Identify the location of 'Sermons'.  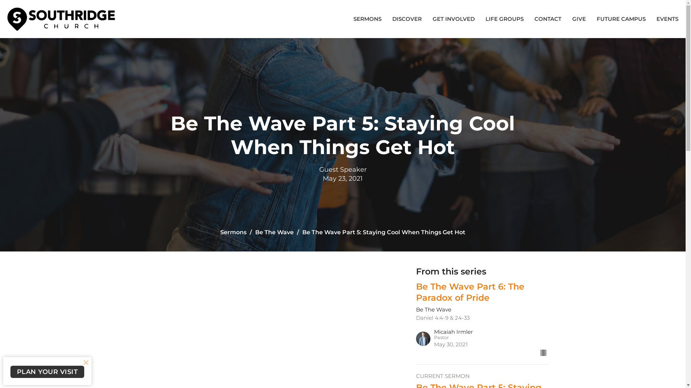
(220, 232).